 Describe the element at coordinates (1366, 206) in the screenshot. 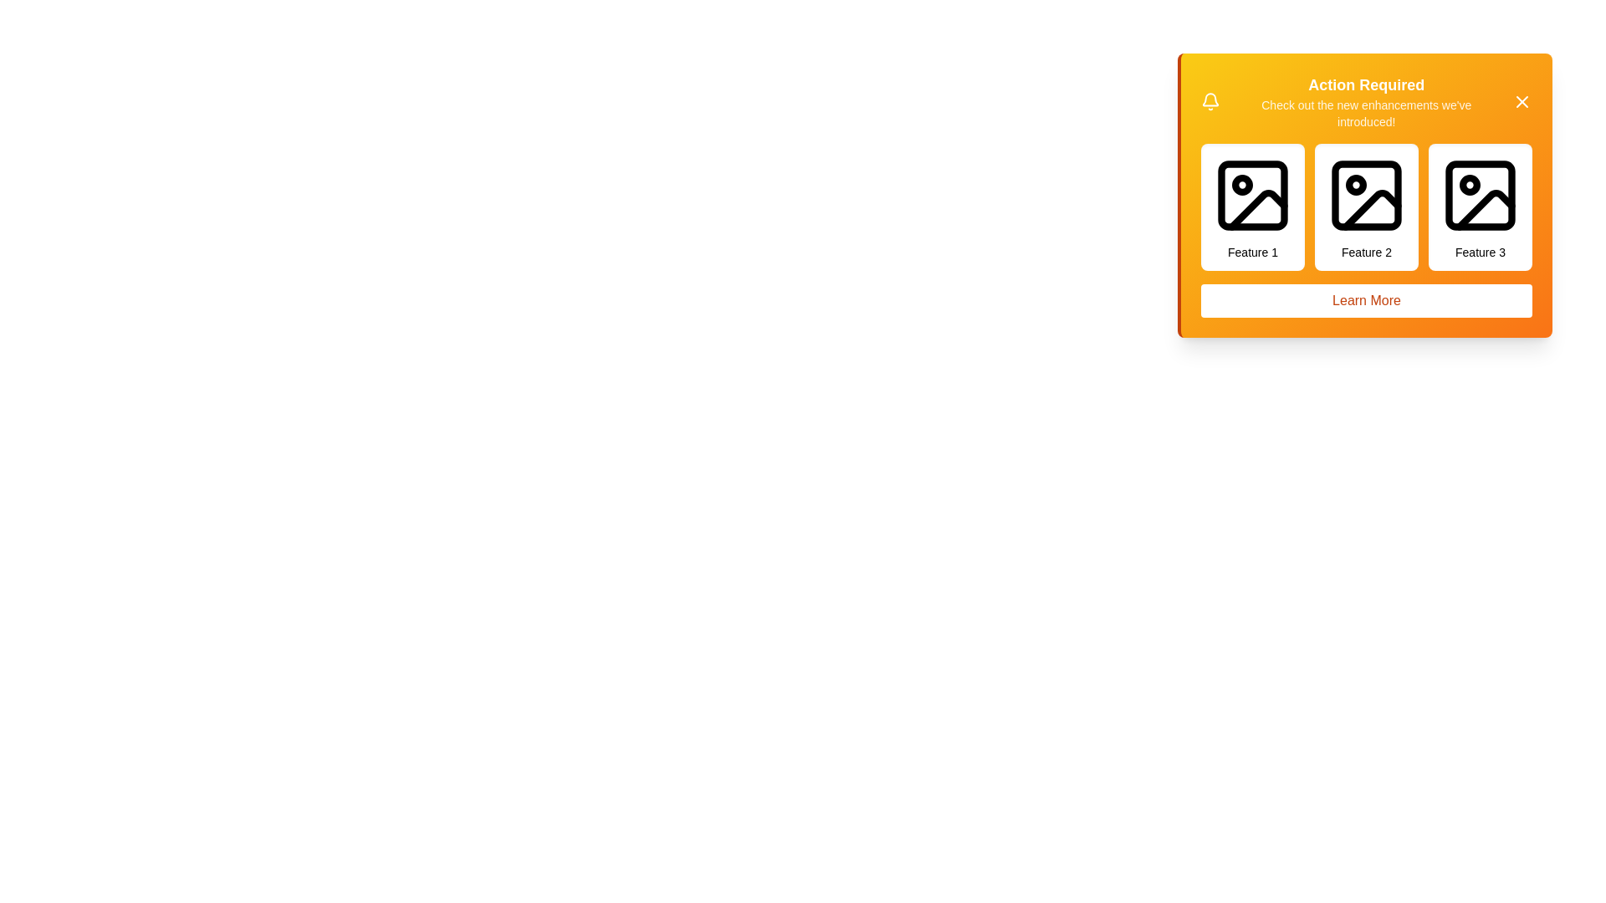

I see `the center of the 'Feature 2' component to inspect its image or text` at that location.